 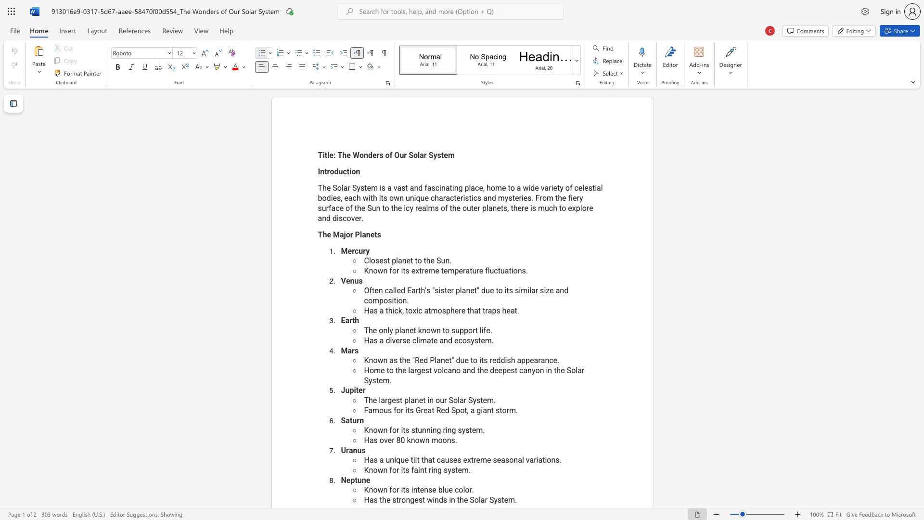 I want to click on the 1th character "c" in the text, so click(x=396, y=311).